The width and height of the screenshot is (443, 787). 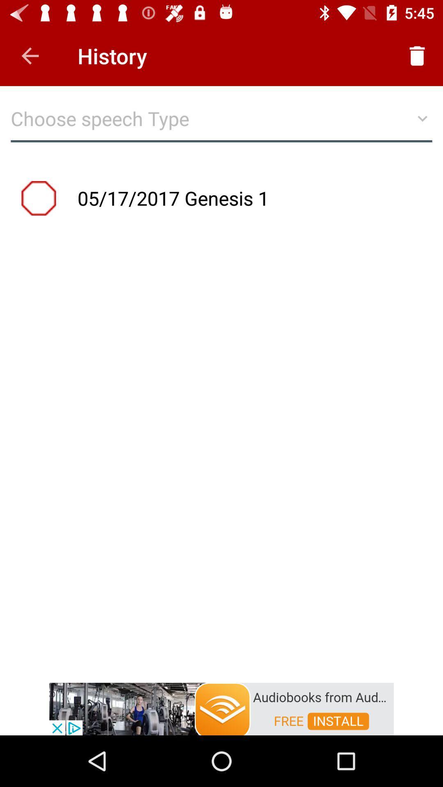 What do you see at coordinates (30, 55) in the screenshot?
I see `go back` at bounding box center [30, 55].